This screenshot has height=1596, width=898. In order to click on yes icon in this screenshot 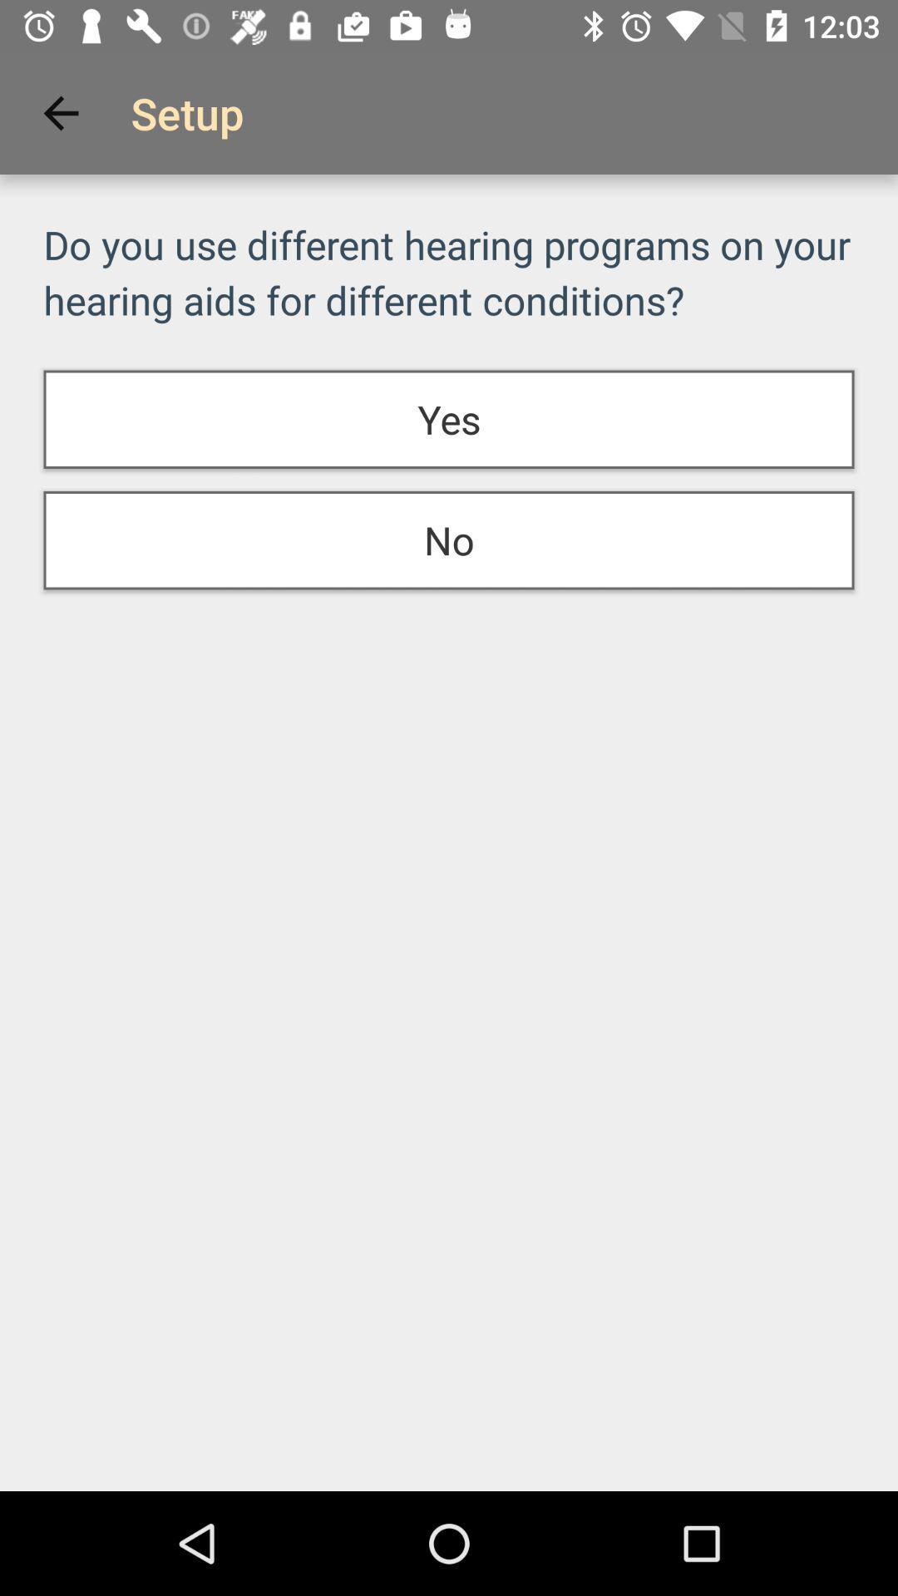, I will do `click(449, 419)`.